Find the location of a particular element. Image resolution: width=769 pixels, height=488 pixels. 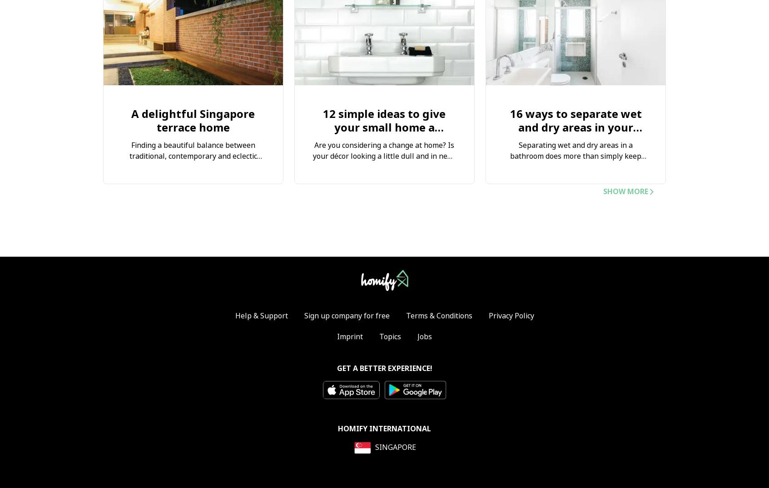

'Our mission is to bring you closer to your
home, and to produce a dwelling that invites you in with its well-designed
interior aesthetics. Discover our 12 simple ideas below…' is located at coordinates (383, 210).